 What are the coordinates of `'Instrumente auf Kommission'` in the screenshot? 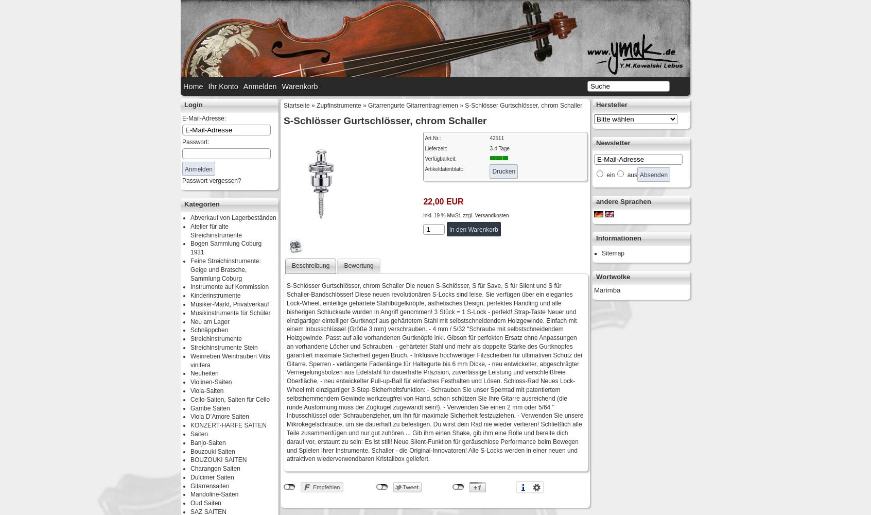 It's located at (229, 287).